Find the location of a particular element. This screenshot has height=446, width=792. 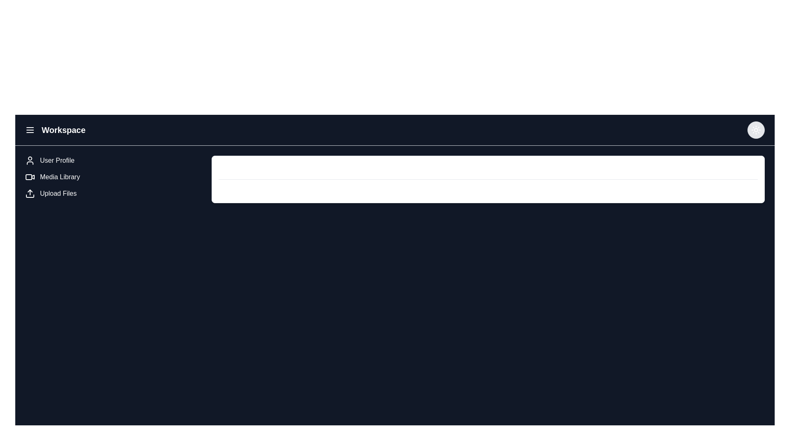

'User Profile' text label, which is displayed in white font on a dark background, positioned to the right of a user avatar icon is located at coordinates (57, 161).